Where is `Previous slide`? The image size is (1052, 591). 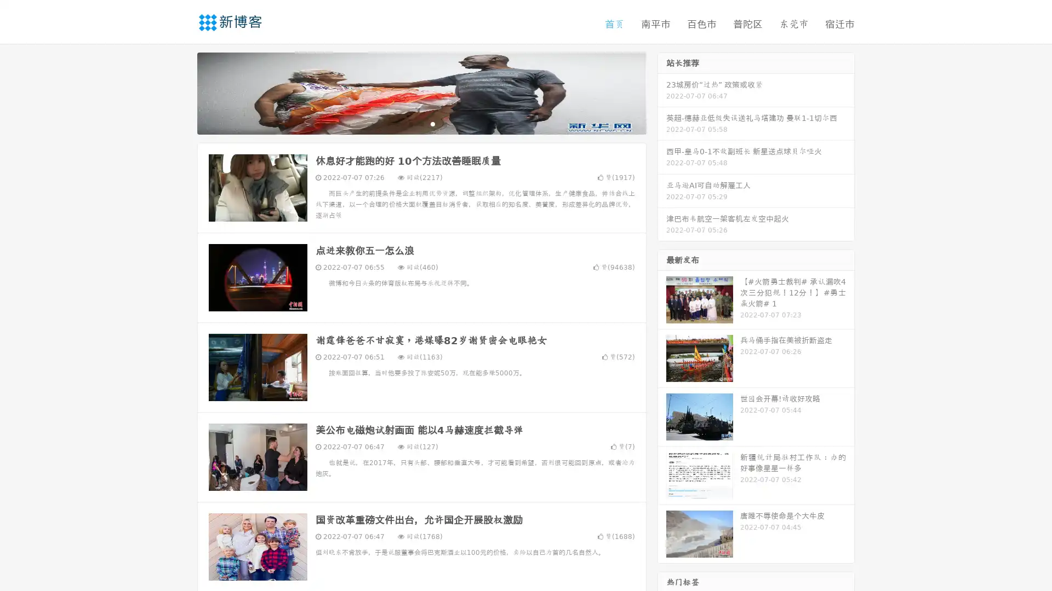 Previous slide is located at coordinates (181, 92).